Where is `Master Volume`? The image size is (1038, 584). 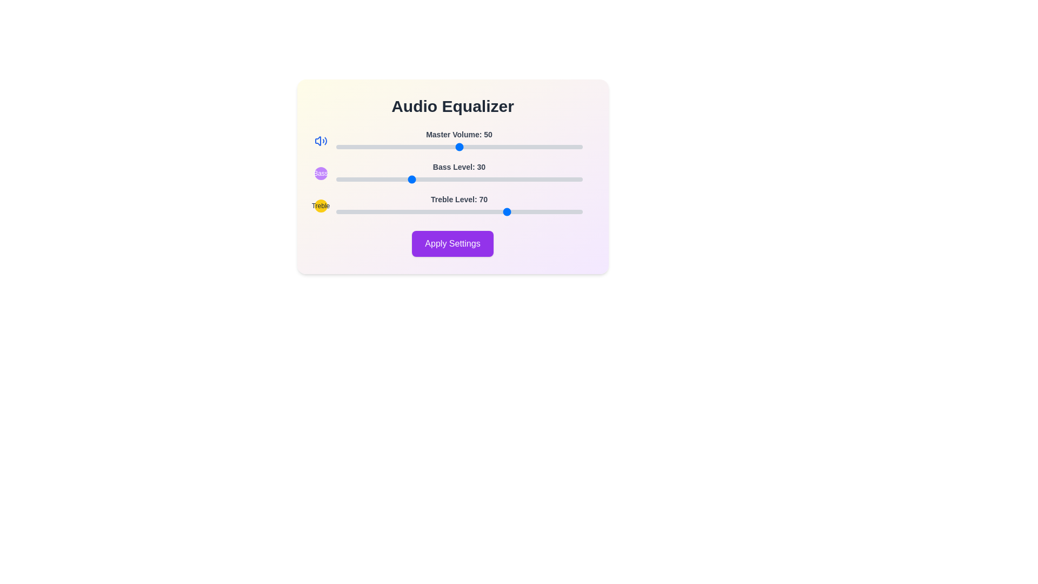 Master Volume is located at coordinates (521, 147).